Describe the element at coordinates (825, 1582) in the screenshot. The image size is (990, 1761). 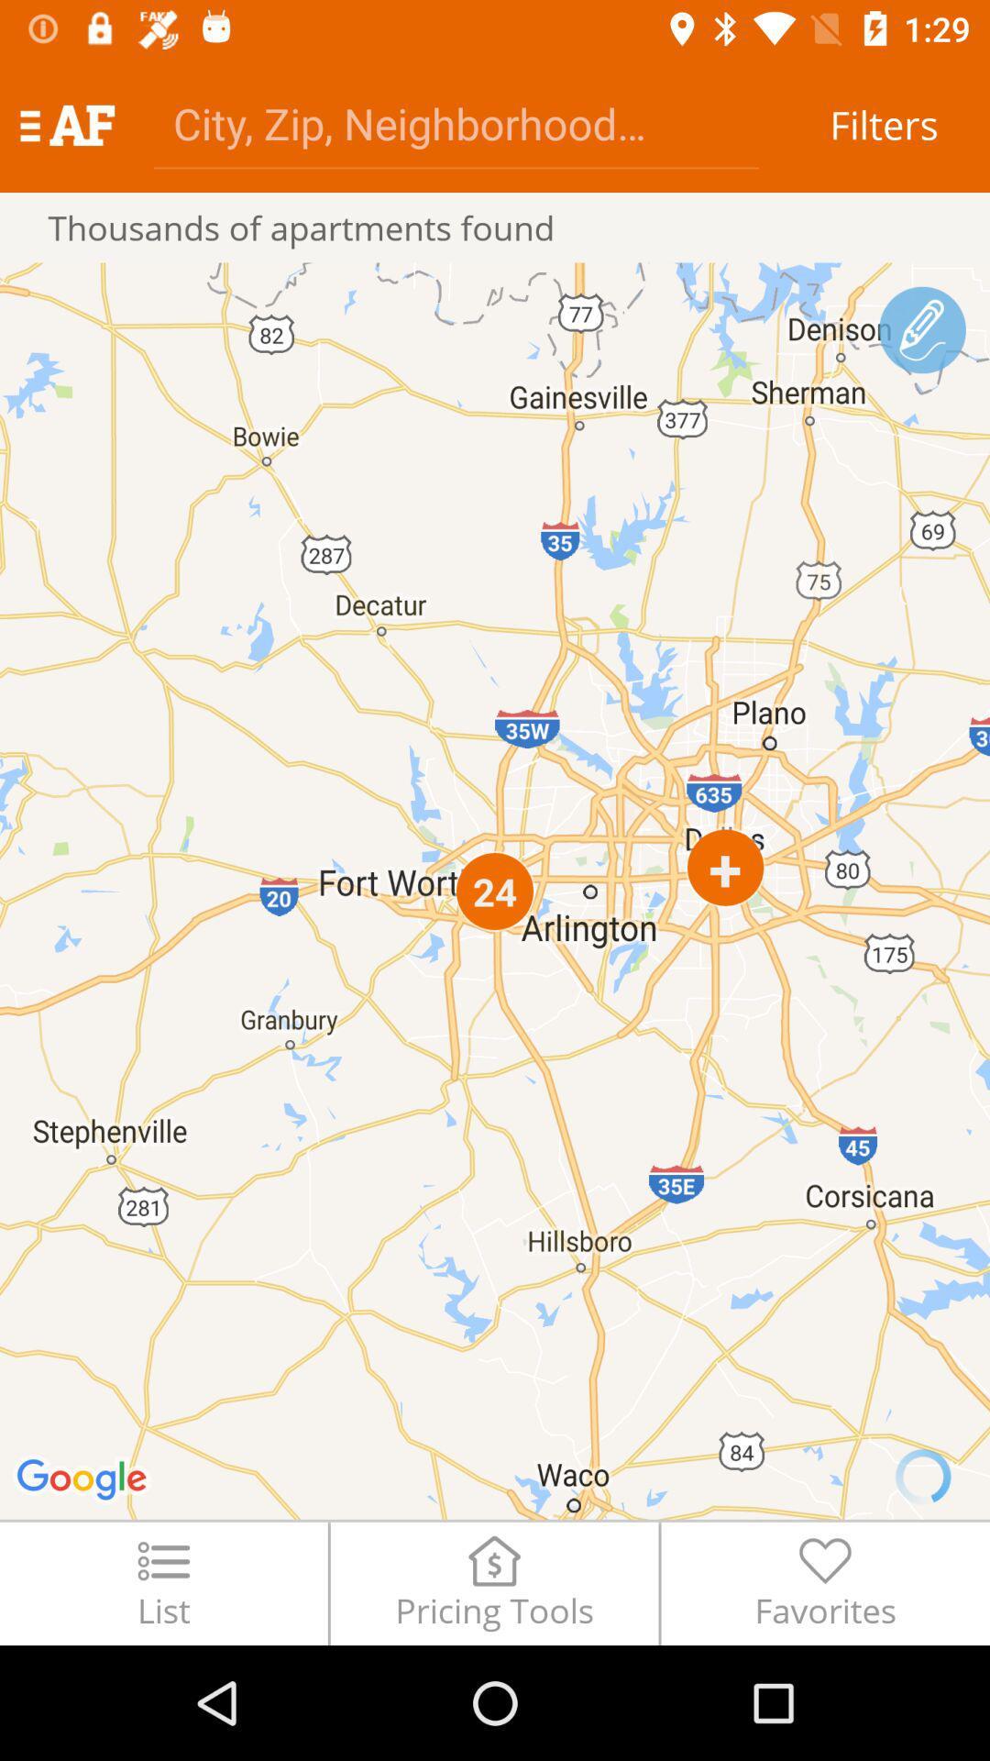
I see `the icon next to pricing tools icon` at that location.